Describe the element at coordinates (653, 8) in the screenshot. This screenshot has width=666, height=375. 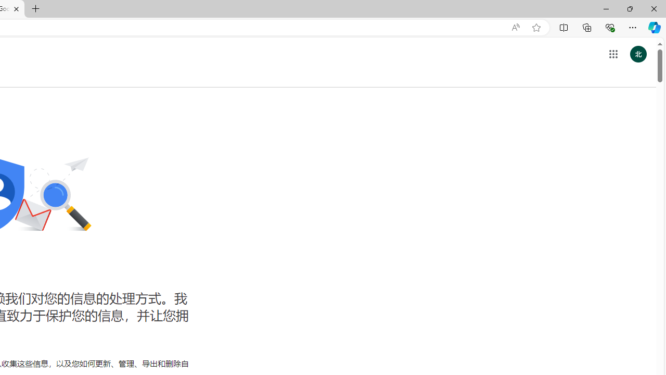
I see `'Close'` at that location.